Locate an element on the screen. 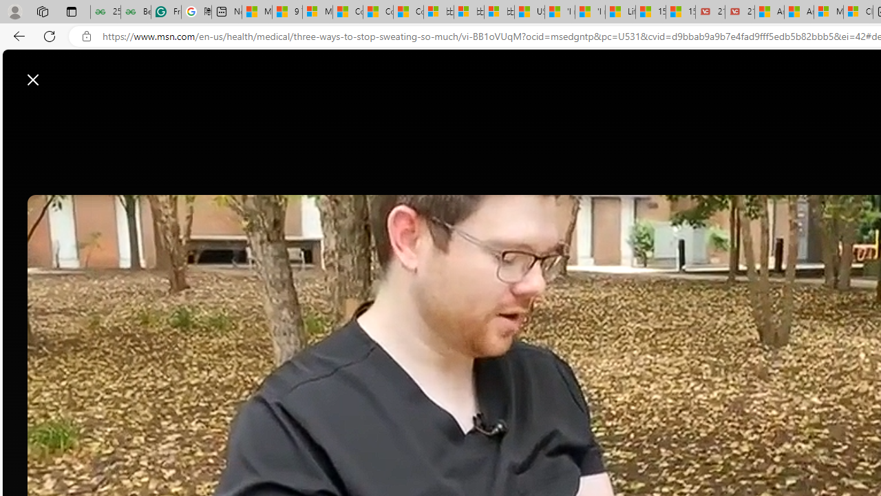 The height and width of the screenshot is (496, 881). 'Best SSL Certificates Provider in India - GeeksforGeeks' is located at coordinates (136, 12).